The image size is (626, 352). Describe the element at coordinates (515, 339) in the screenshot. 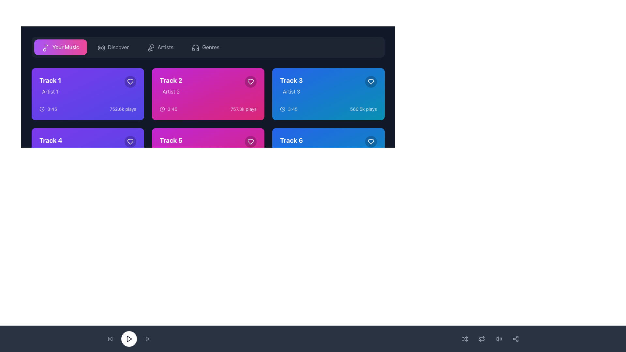

I see `the share button located as the fourth visible button from the left in the bottom control bar` at that location.